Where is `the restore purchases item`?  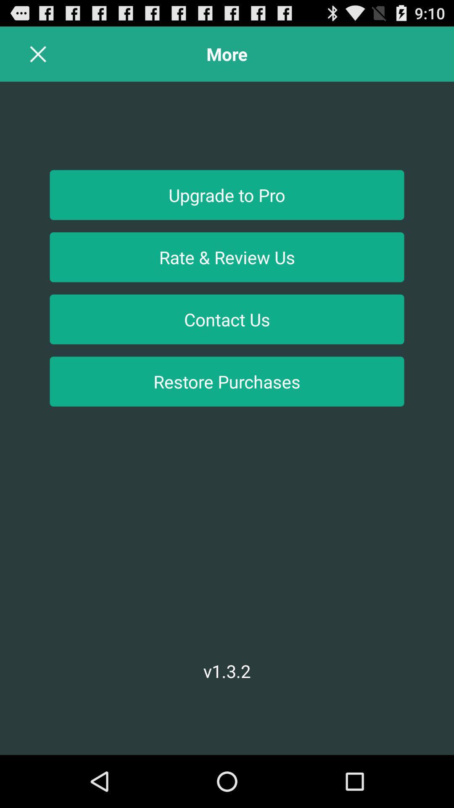
the restore purchases item is located at coordinates (227, 381).